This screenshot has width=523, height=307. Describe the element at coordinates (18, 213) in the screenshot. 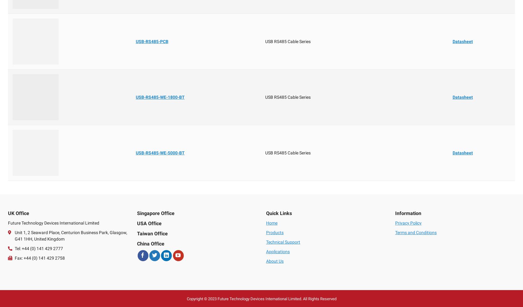

I see `'UK Office'` at that location.